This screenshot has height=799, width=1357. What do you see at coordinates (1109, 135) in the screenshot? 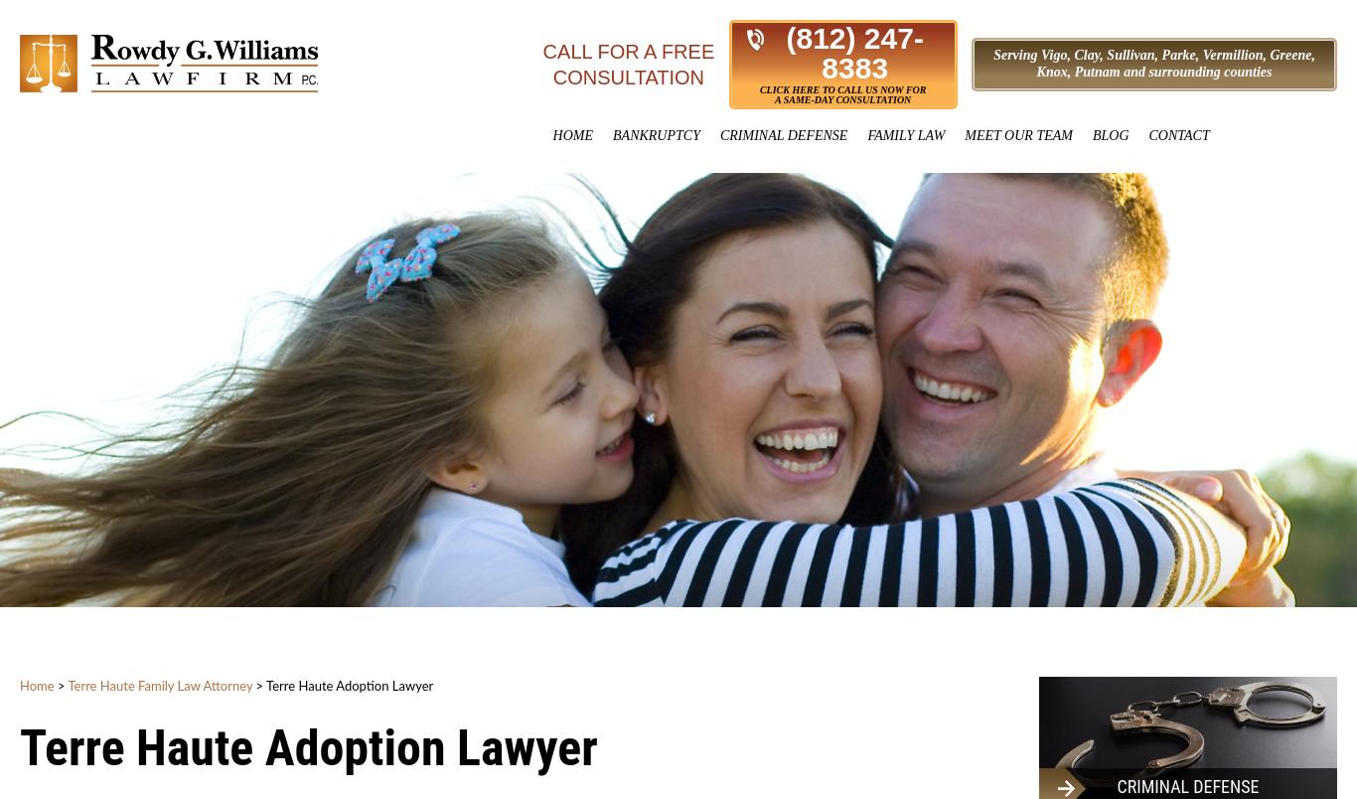
I see `'Blog'` at bounding box center [1109, 135].